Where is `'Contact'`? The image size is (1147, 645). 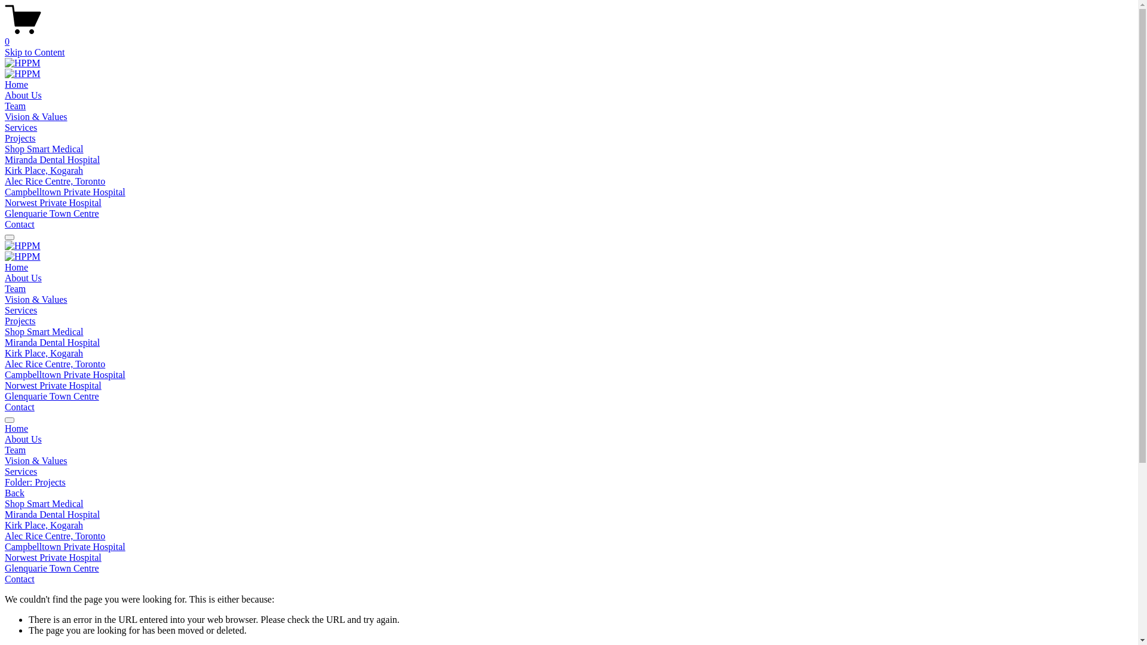 'Contact' is located at coordinates (20, 224).